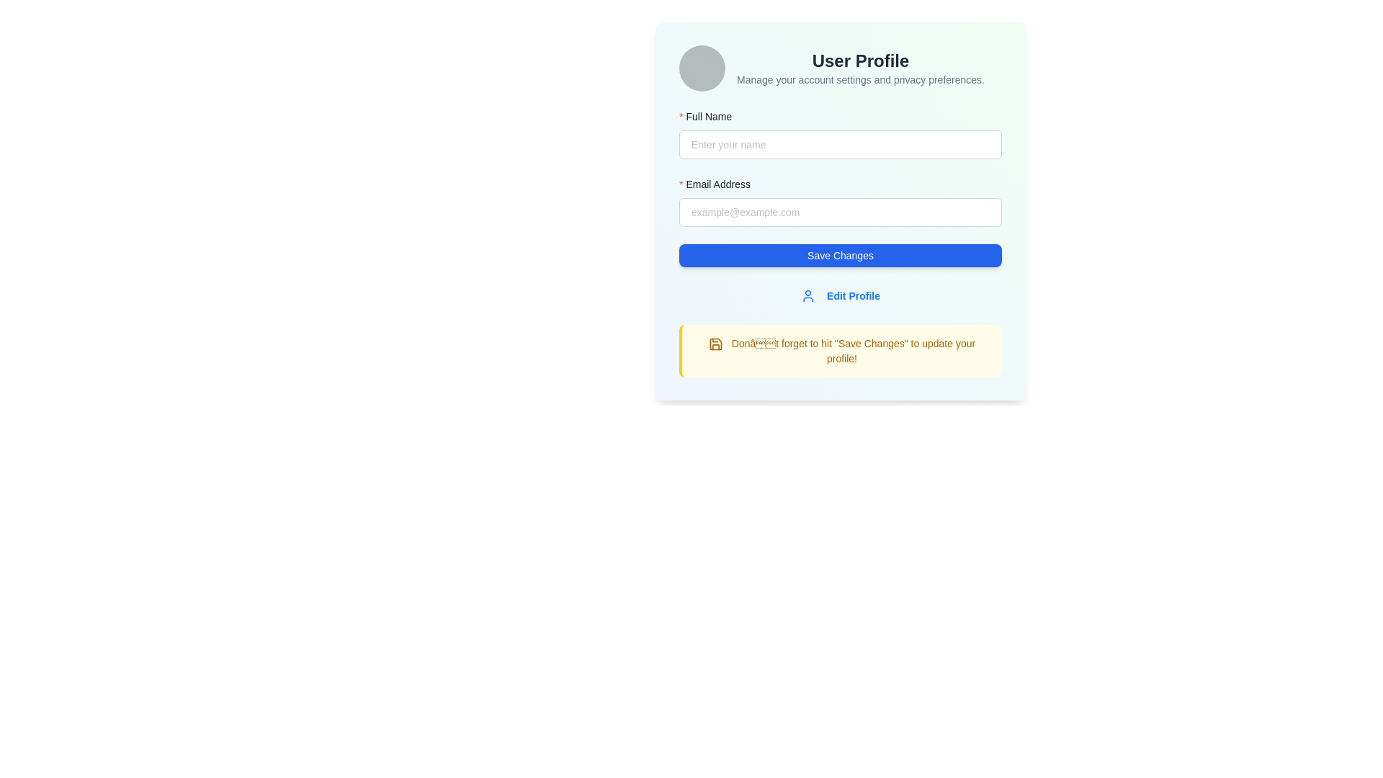  I want to click on the informational notification box reminding users to save changes to their profile, located at the bottom of the 'User Profile' form, so click(840, 350).